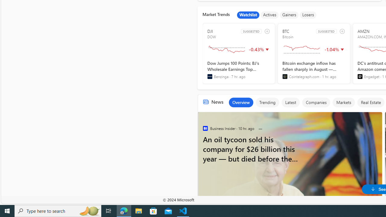 This screenshot has width=386, height=217. I want to click on 'Engadget', so click(360, 76).